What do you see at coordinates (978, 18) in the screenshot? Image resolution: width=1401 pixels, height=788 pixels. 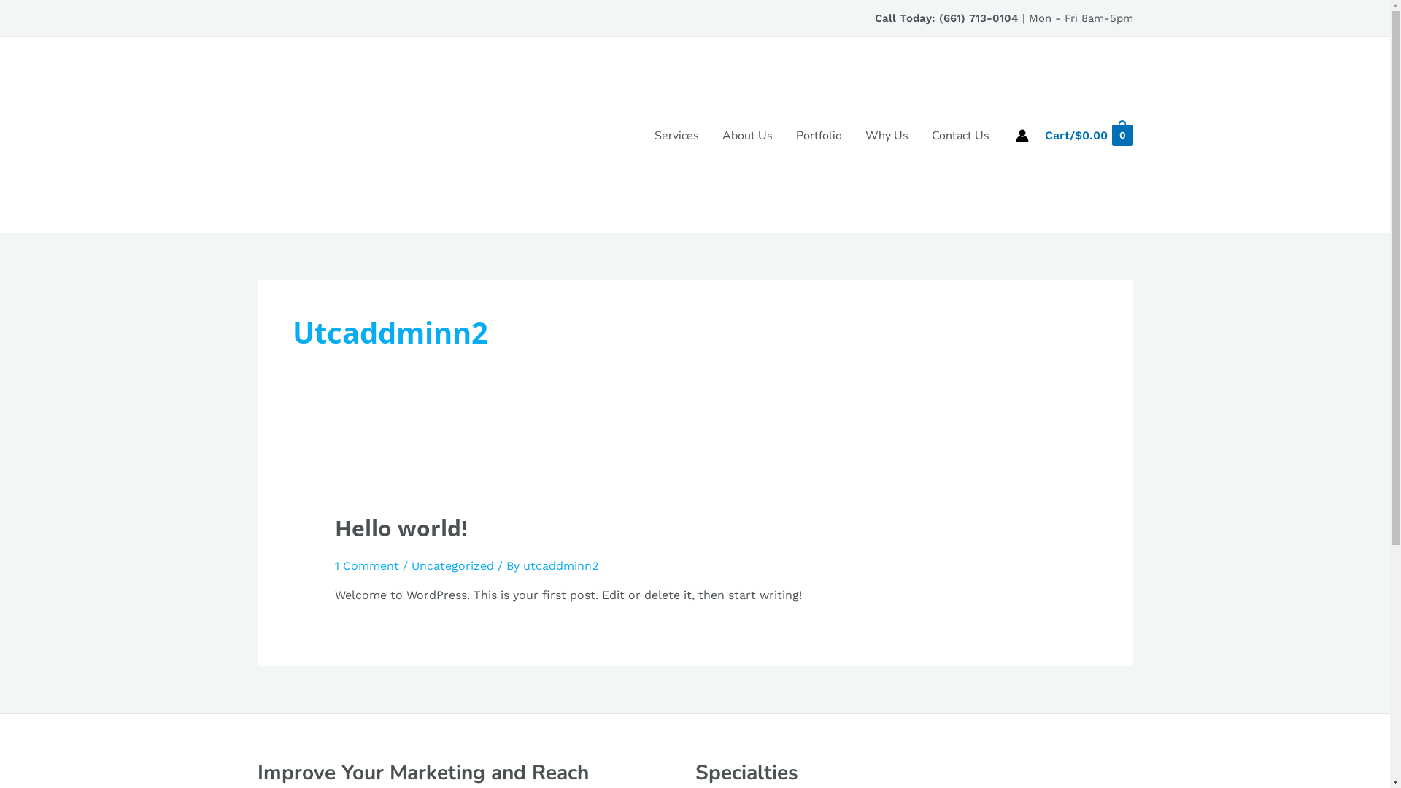 I see `'(661) 713-0104'` at bounding box center [978, 18].